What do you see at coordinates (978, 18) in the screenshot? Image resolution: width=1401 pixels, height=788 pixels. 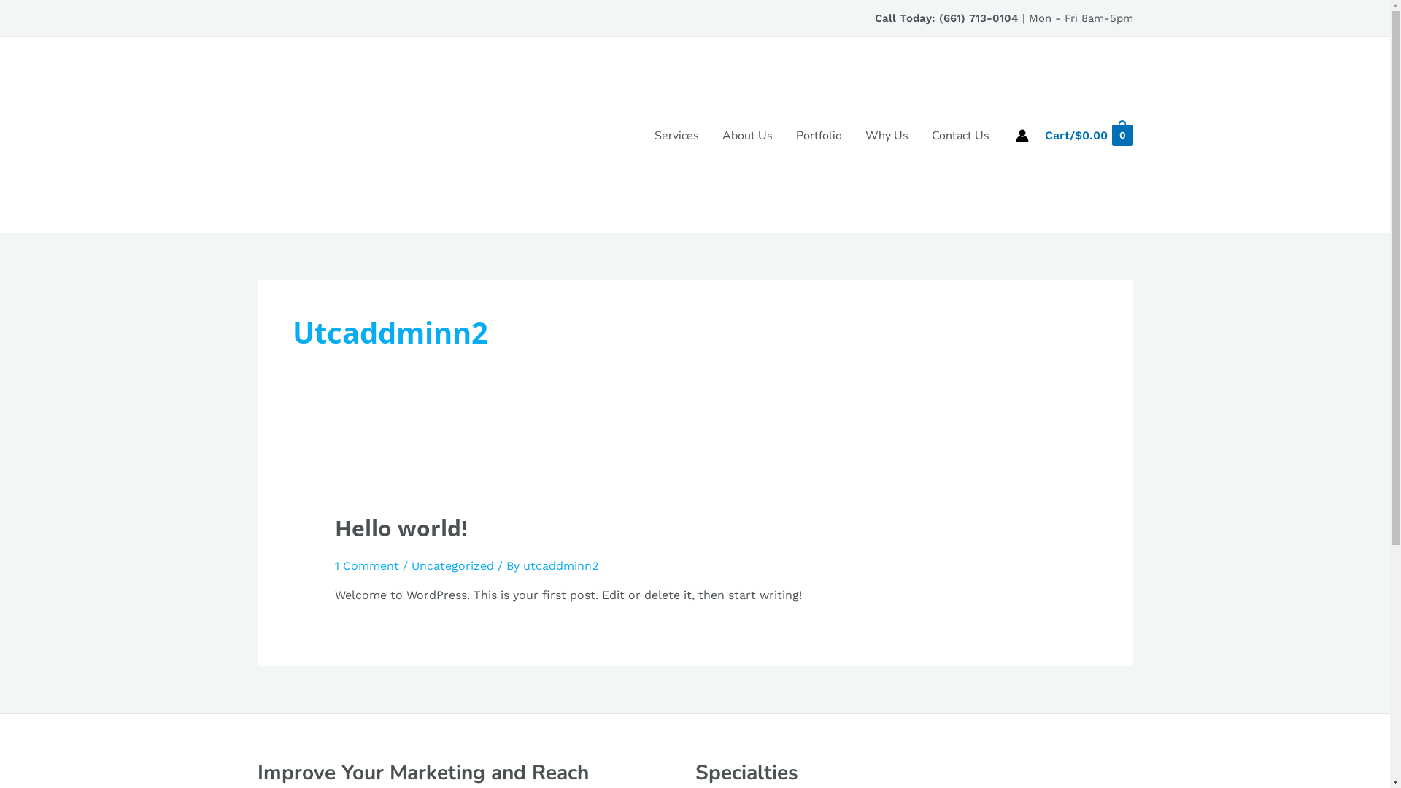 I see `'(661) 713-0104'` at bounding box center [978, 18].